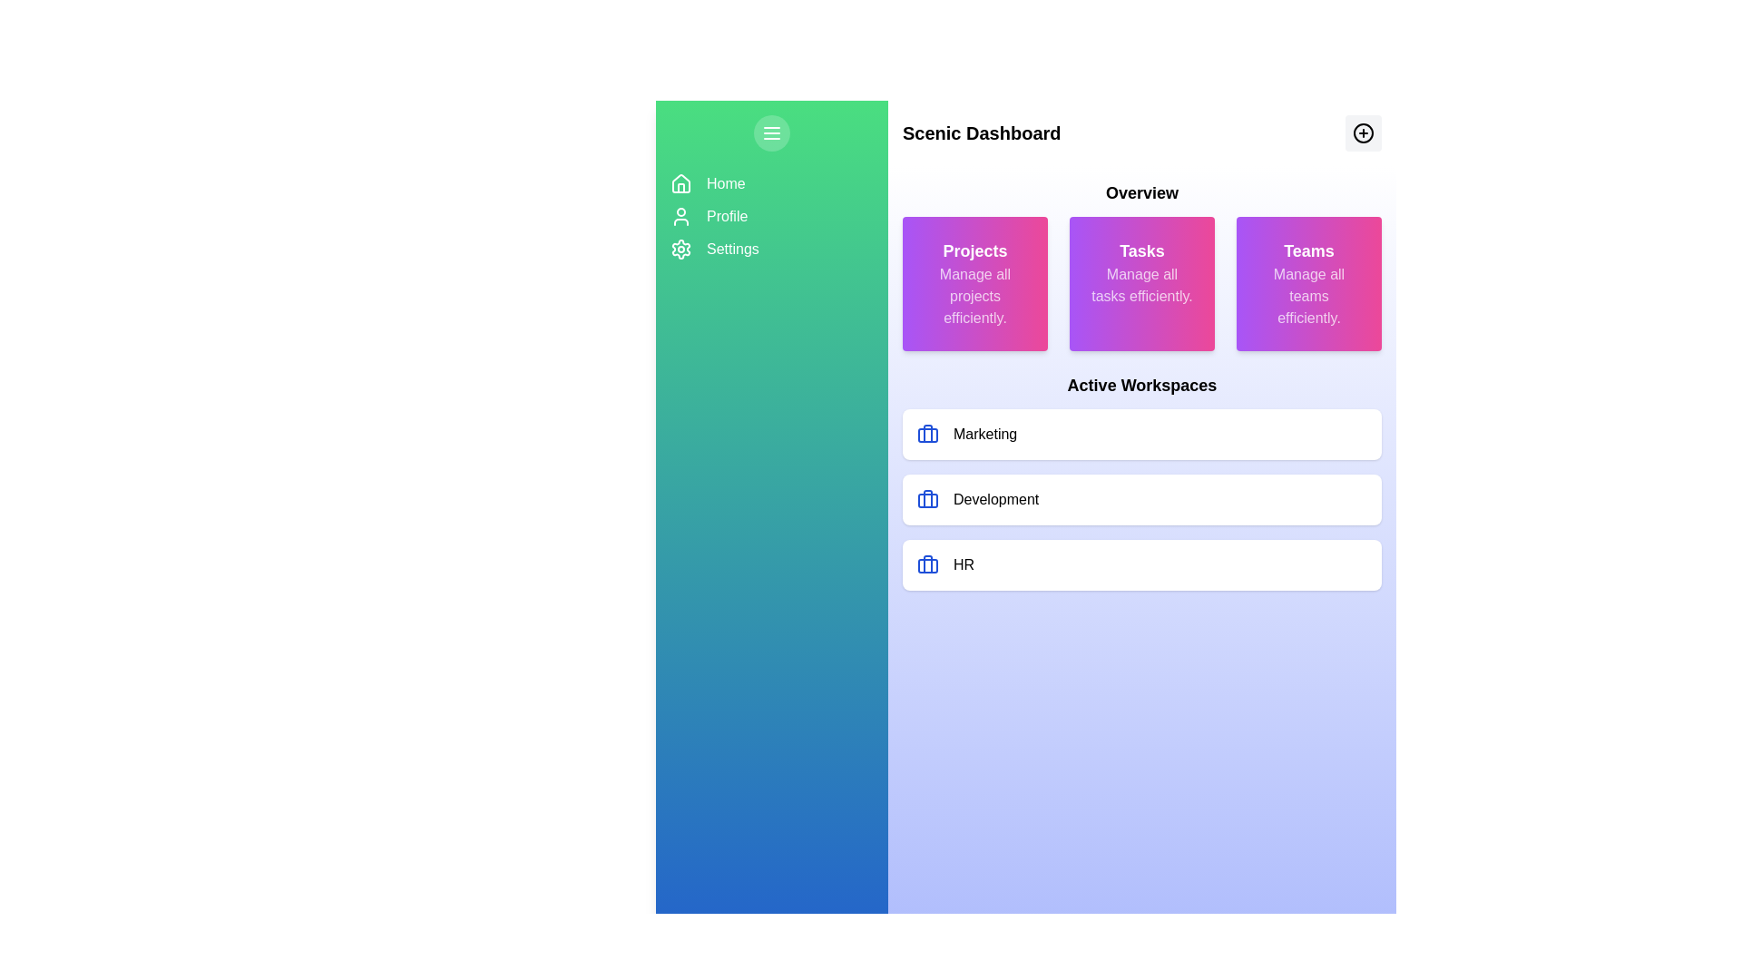 The width and height of the screenshot is (1742, 980). I want to click on the title text label of the task management card, which is located at the top-center and indicates the card's focus area, so click(1140, 251).